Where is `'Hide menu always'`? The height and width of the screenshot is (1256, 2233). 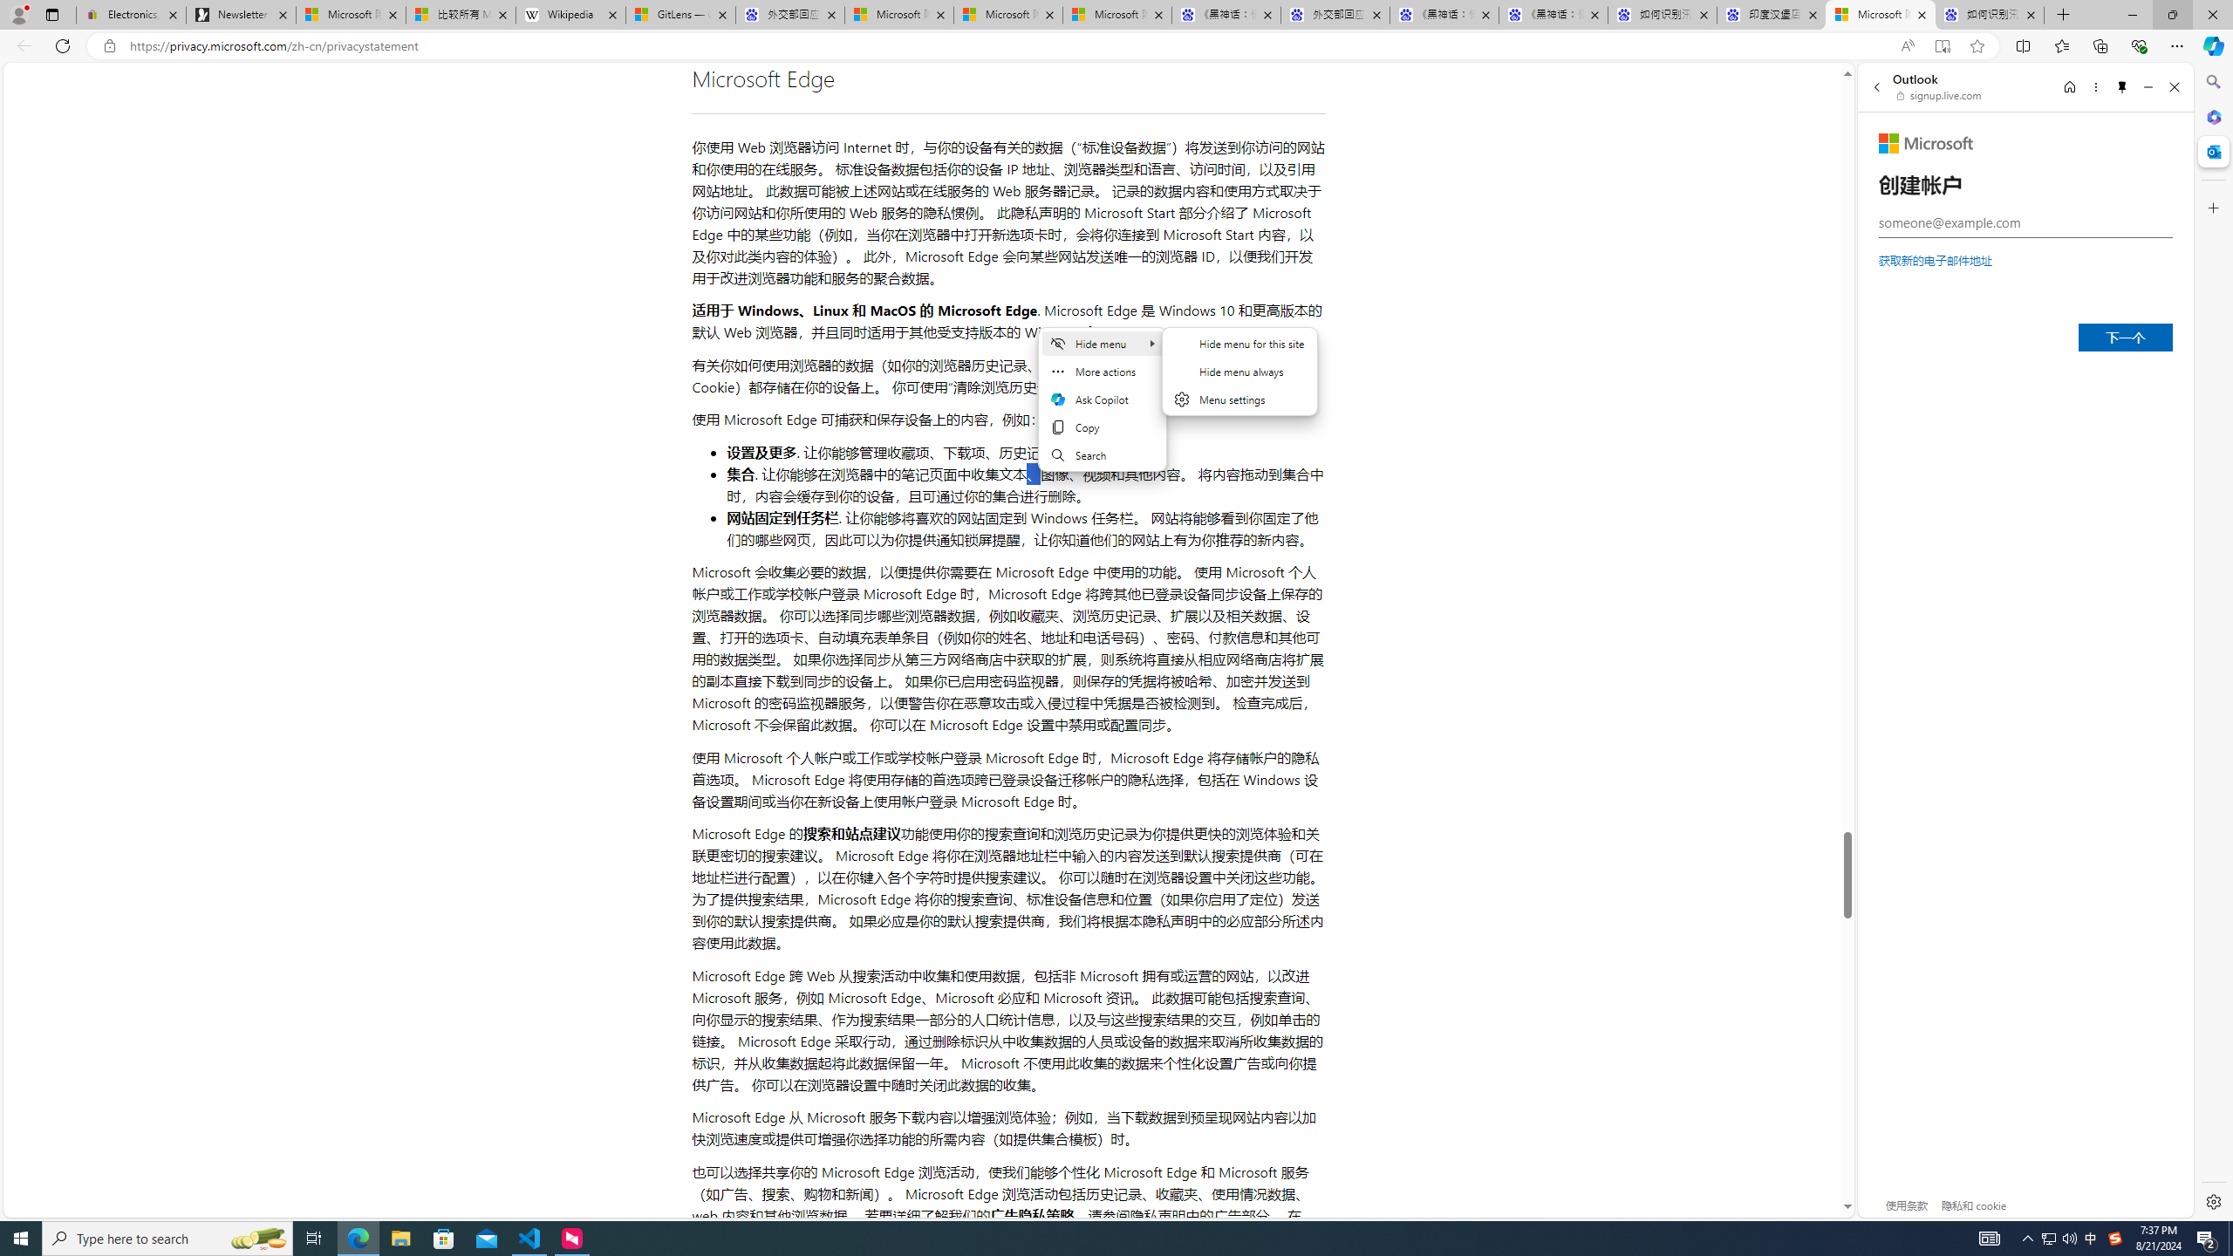
'Hide menu always' is located at coordinates (1240, 371).